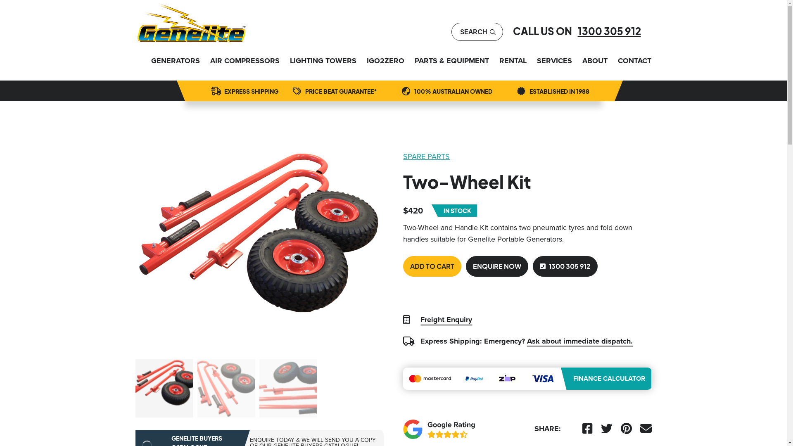  Describe the element at coordinates (499, 60) in the screenshot. I see `'RENTAL'` at that location.